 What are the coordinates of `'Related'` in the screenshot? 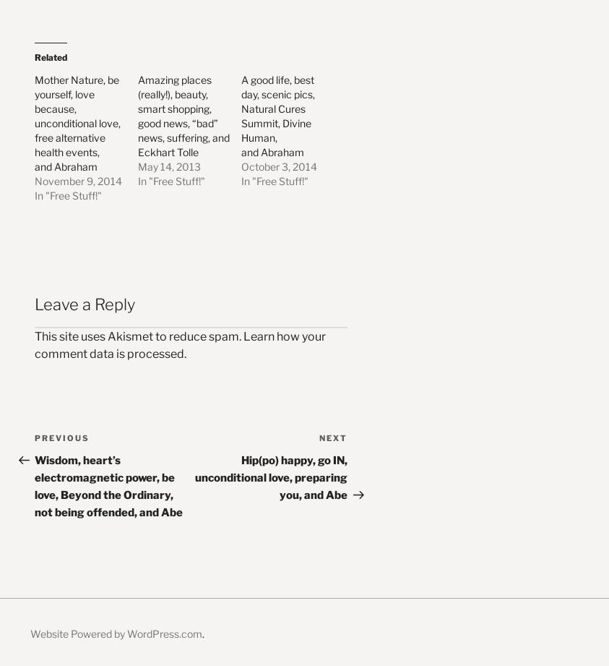 It's located at (50, 57).